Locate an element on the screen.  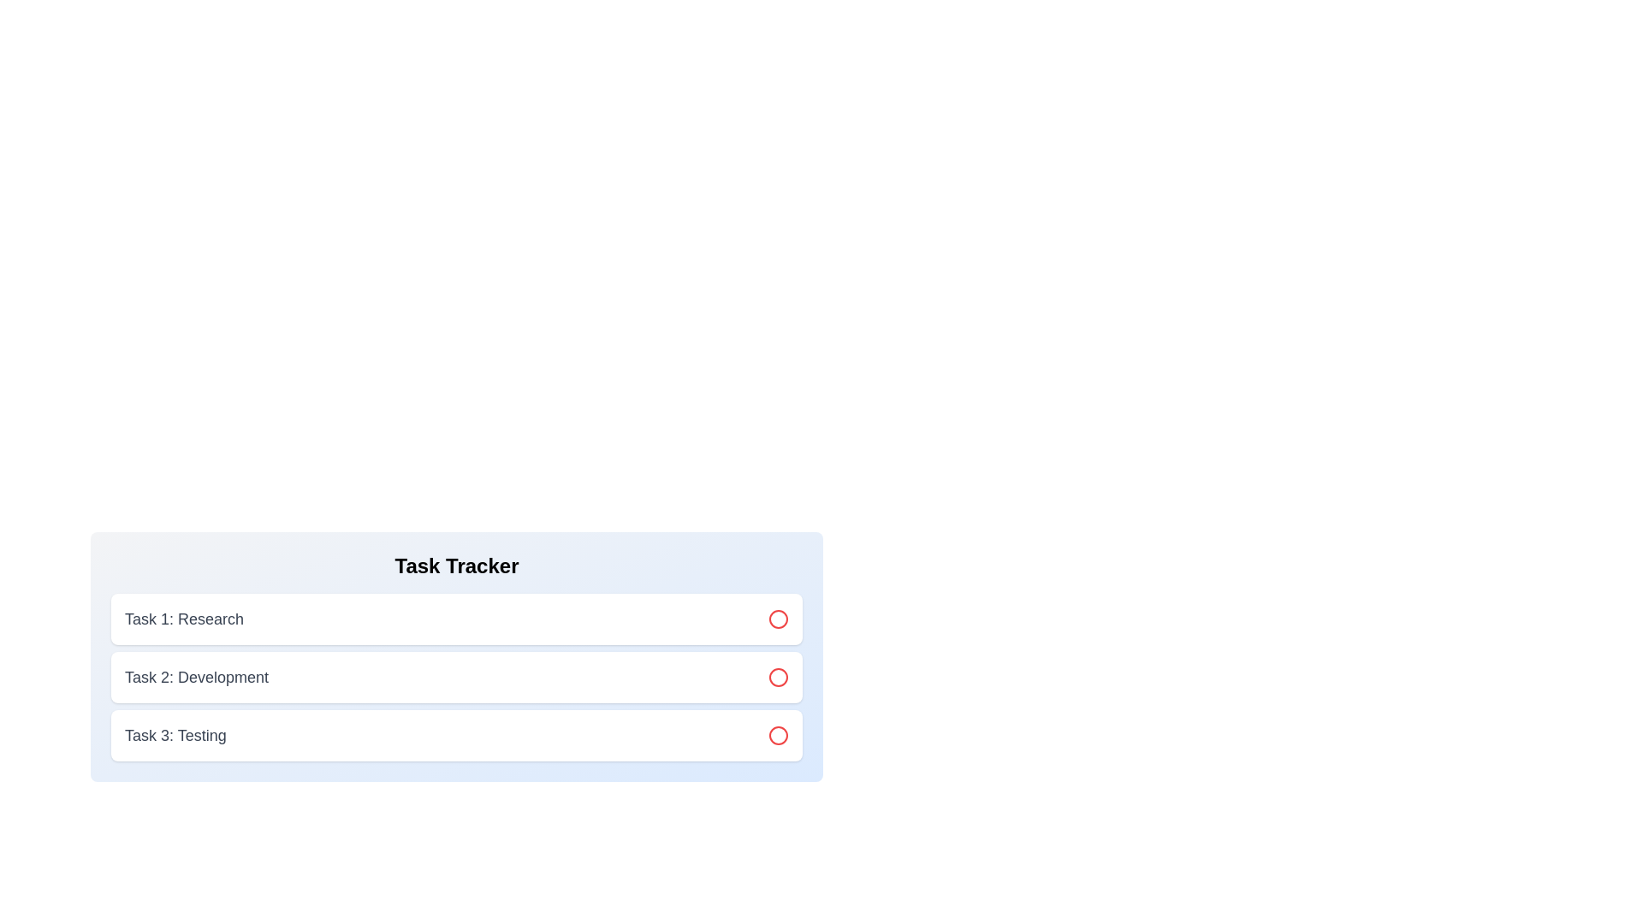
the circle icon for task 1 to toggle its status is located at coordinates (778, 619).